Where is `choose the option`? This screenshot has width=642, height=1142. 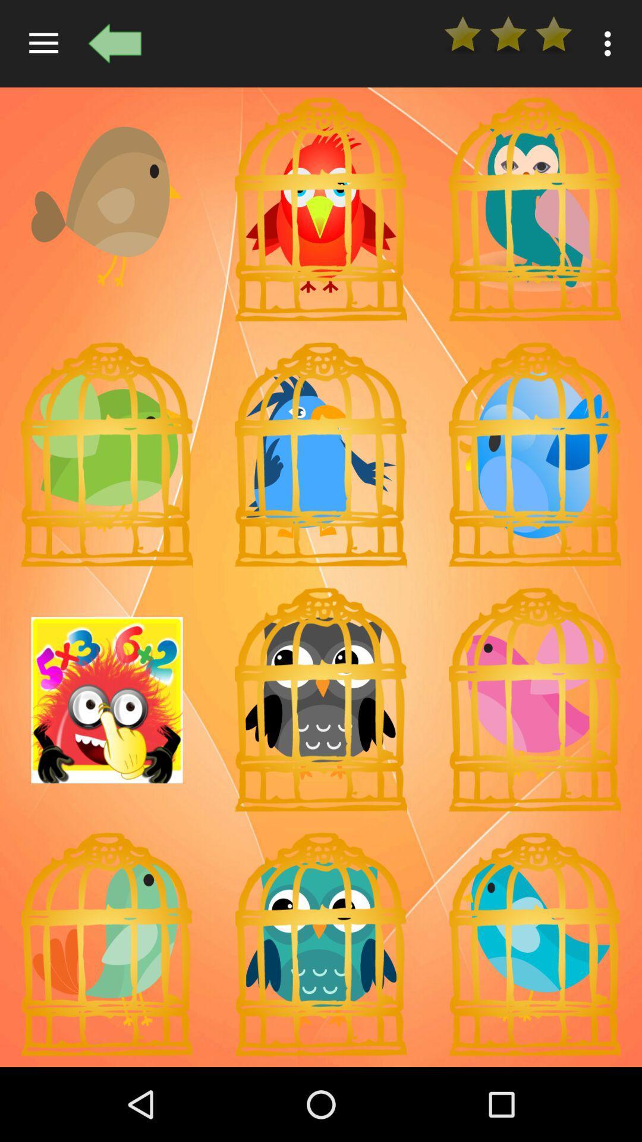 choose the option is located at coordinates (534, 209).